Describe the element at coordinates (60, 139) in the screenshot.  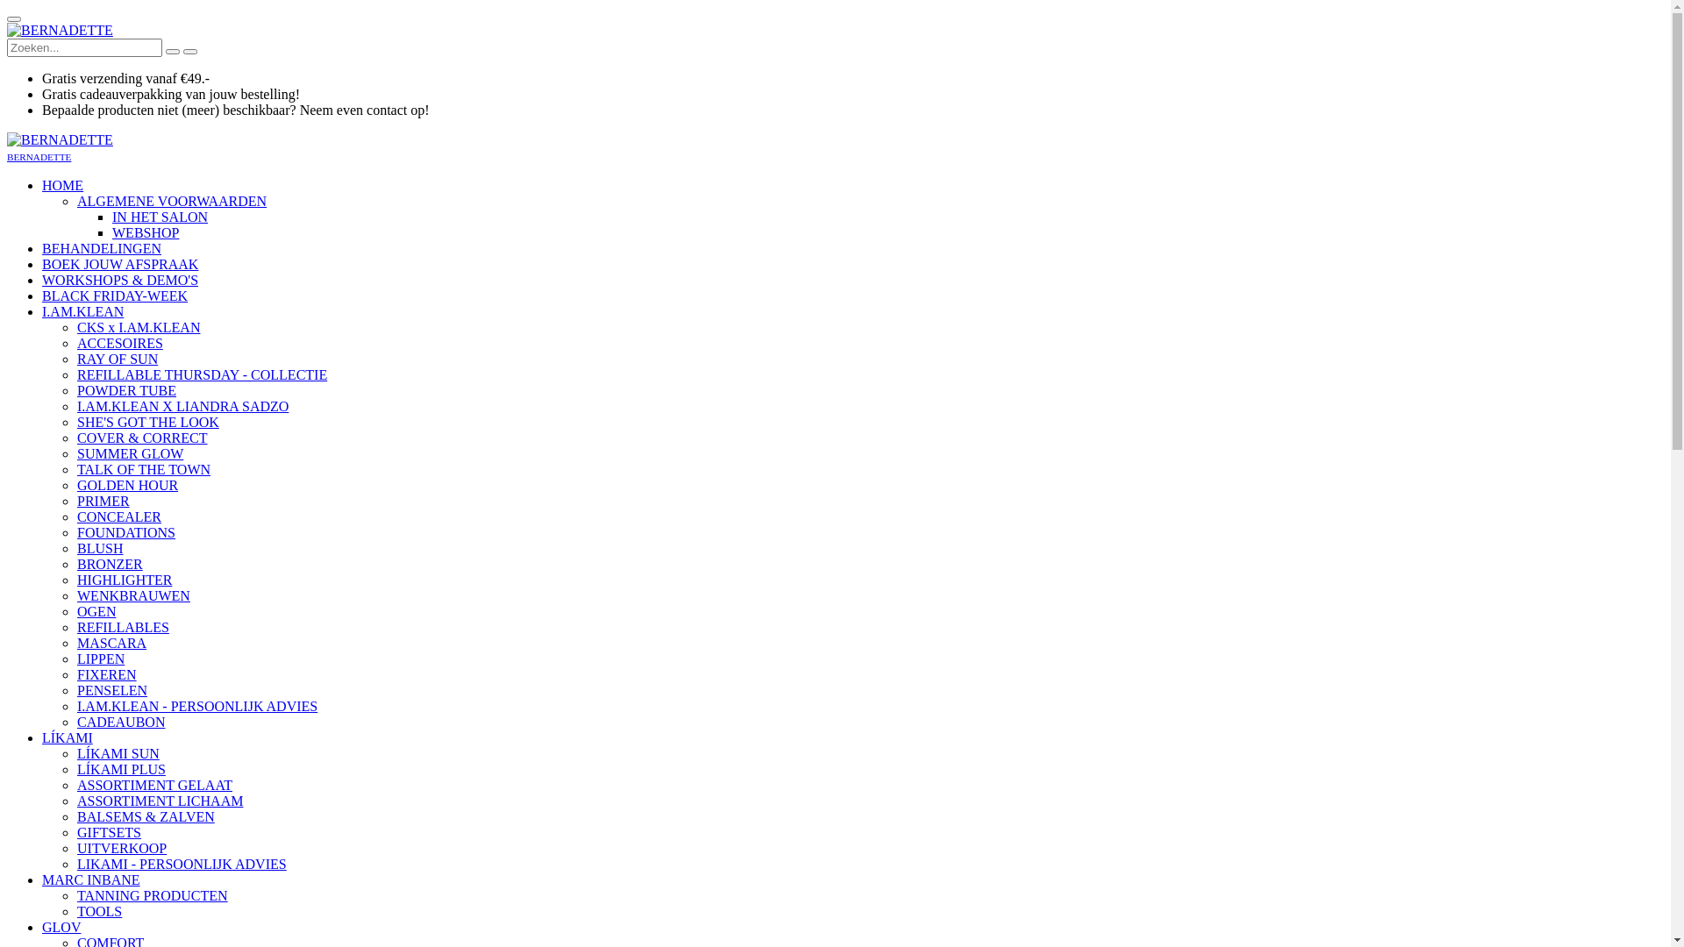
I see `'BERNADETTE'` at that location.